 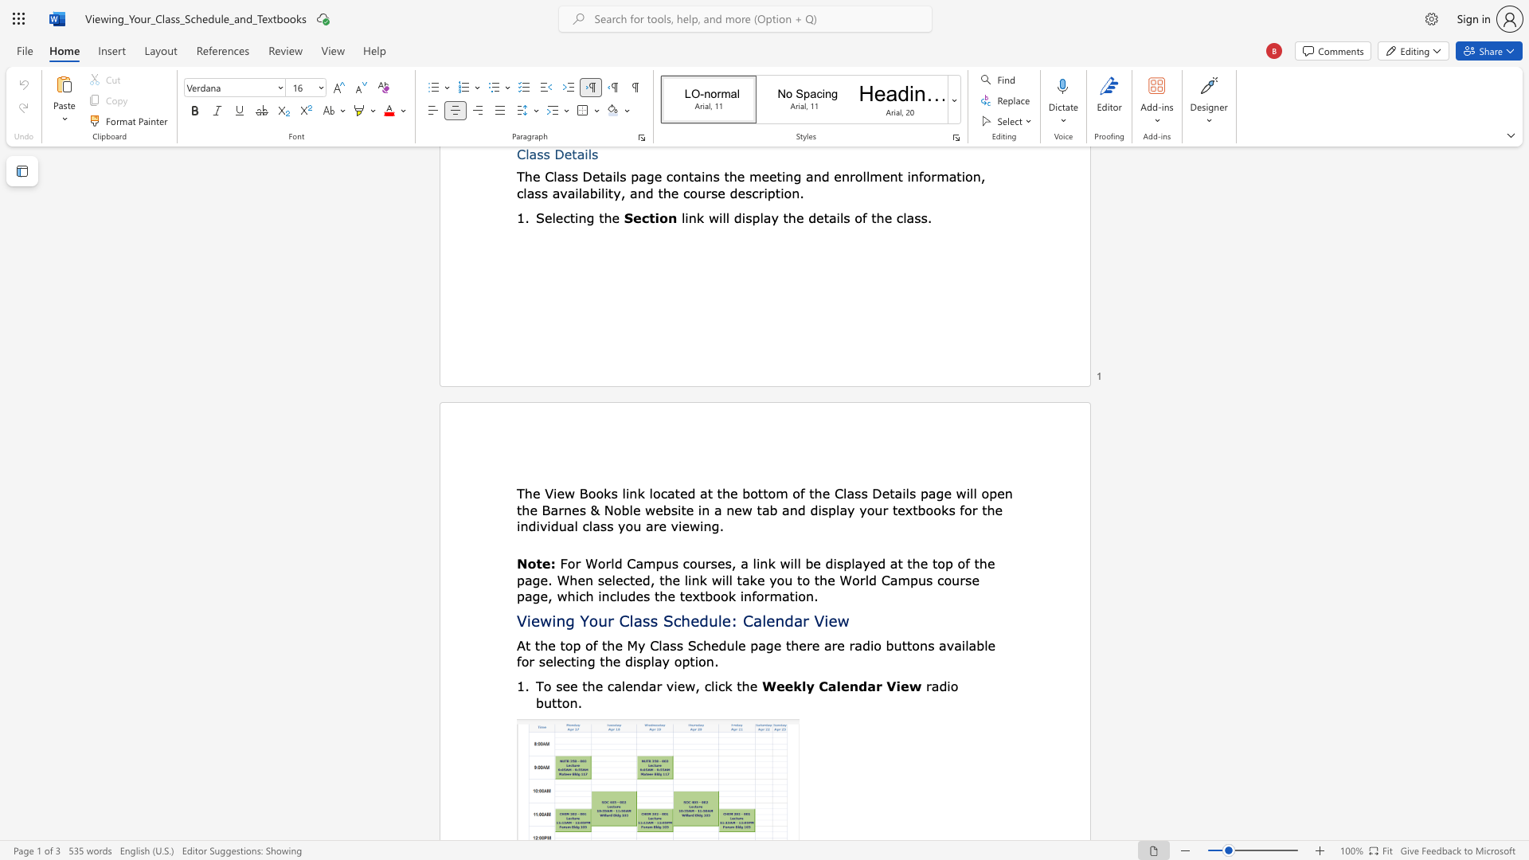 I want to click on the subset text "to the World Campus course p" within the text "For World Campus courses, a link will be displayed at the top of the page. When selected, the link will take you to the World Campus course page, which includes the textbook information.", so click(x=797, y=580).